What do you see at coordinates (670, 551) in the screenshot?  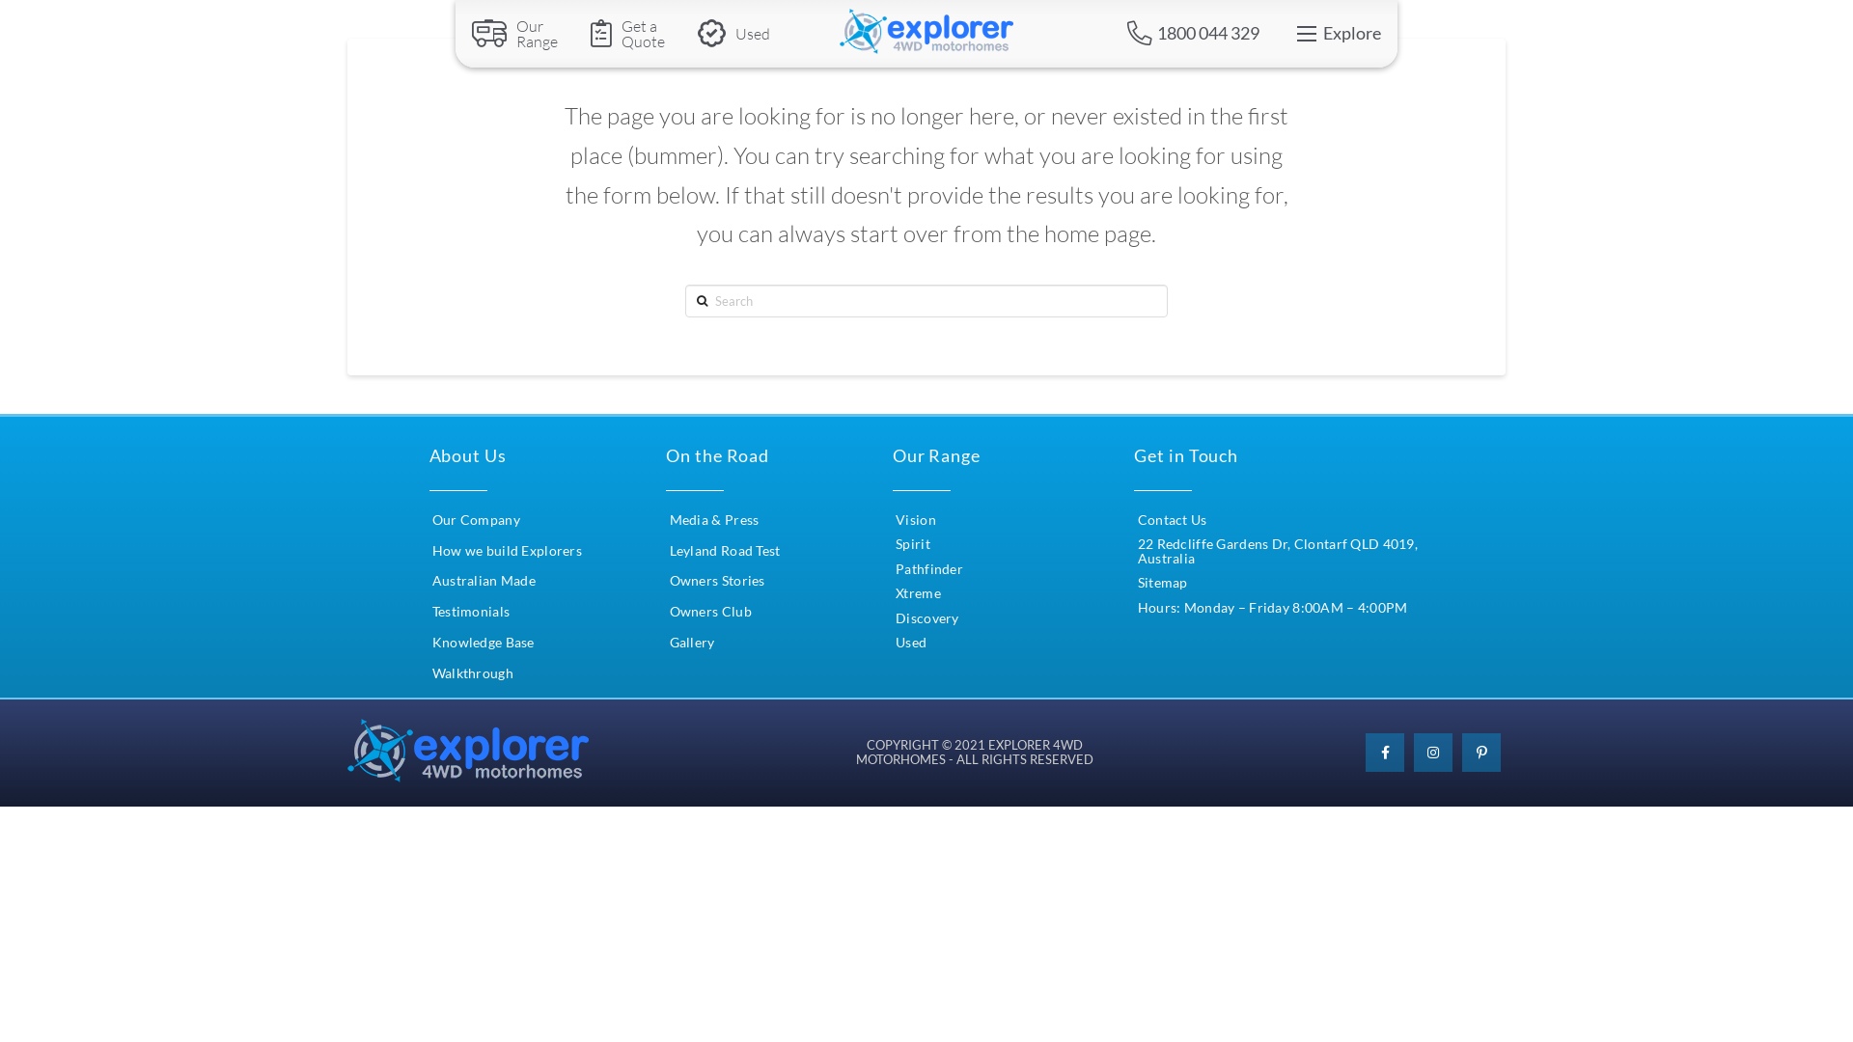 I see `'Leyland Road Test'` at bounding box center [670, 551].